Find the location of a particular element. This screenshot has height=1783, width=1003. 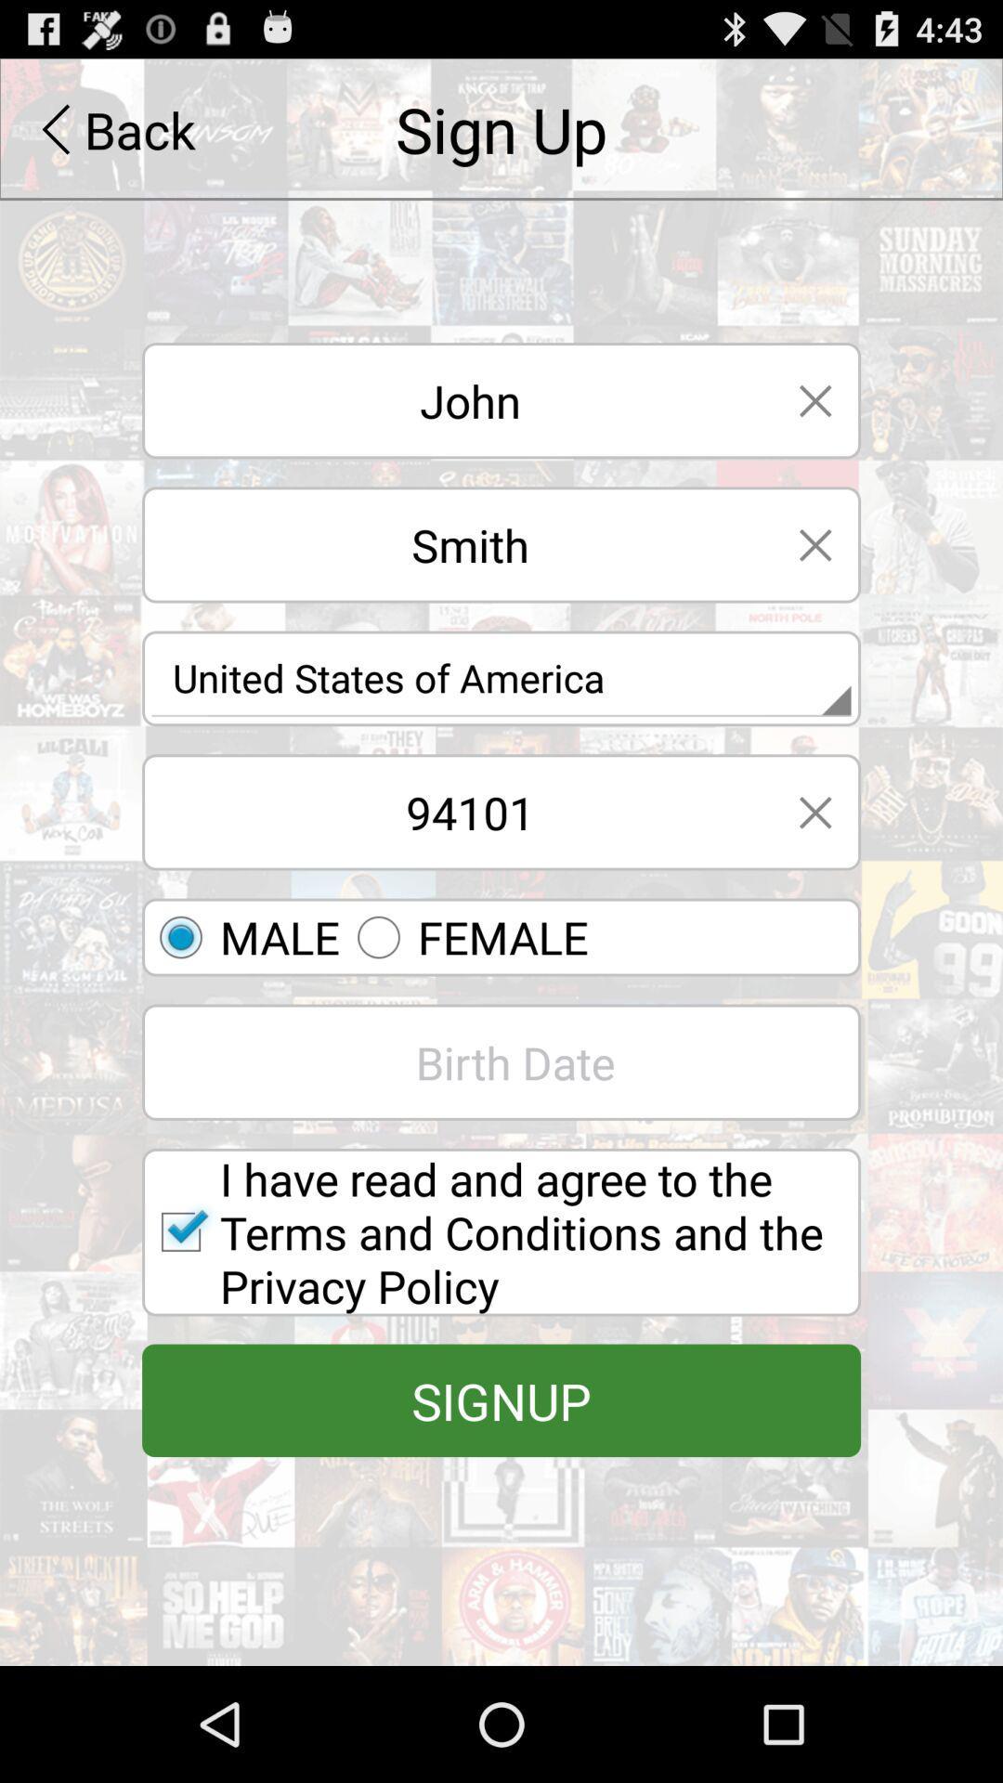

delete data is located at coordinates (814, 543).